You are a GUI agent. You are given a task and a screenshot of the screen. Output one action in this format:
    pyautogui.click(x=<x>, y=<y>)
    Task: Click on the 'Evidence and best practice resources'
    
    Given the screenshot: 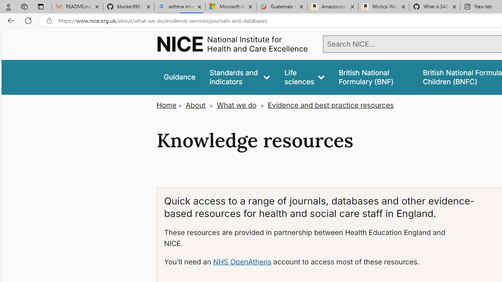 What is the action you would take?
    pyautogui.click(x=330, y=105)
    